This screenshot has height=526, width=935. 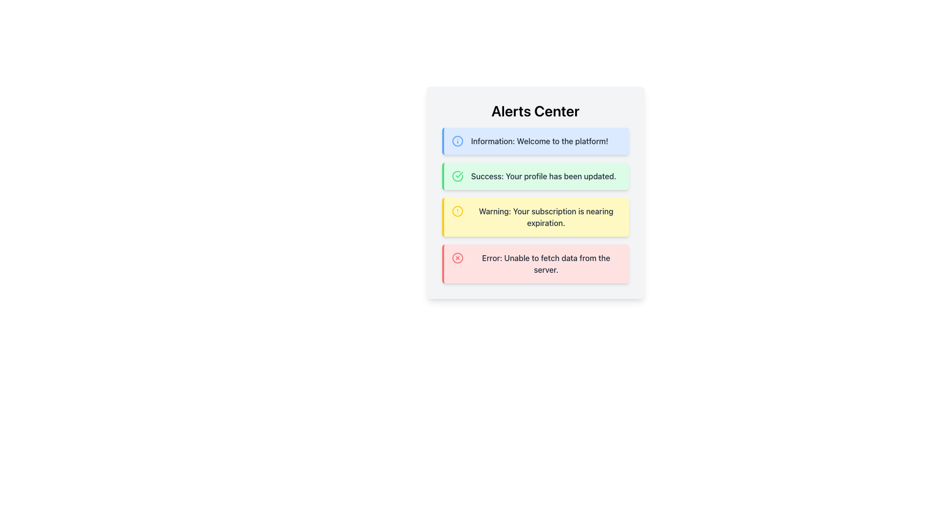 What do you see at coordinates (546, 217) in the screenshot?
I see `text content of the third alert message block with a yellow background that states 'Warning: Your subscription is nearing expiration.'` at bounding box center [546, 217].